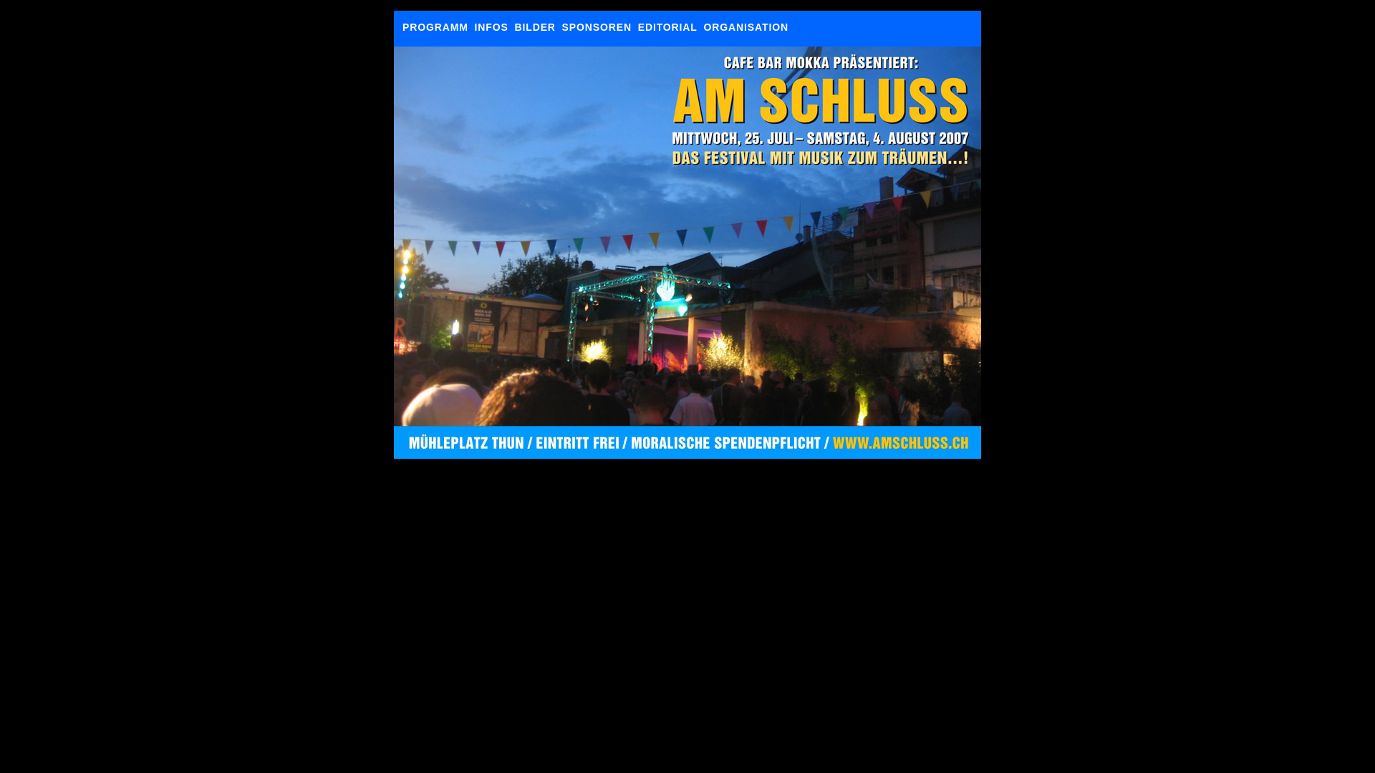 Image resolution: width=1375 pixels, height=773 pixels. I want to click on 'ORGANISATION', so click(745, 27).